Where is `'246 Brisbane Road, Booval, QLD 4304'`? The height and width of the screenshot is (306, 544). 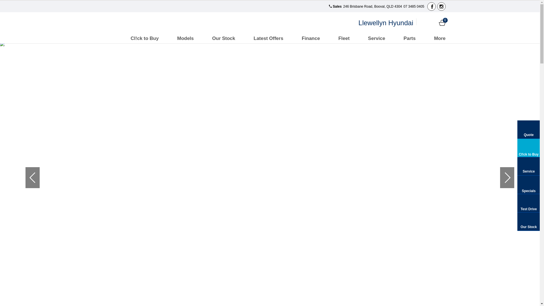
'246 Brisbane Road, Booval, QLD 4304' is located at coordinates (372, 7).